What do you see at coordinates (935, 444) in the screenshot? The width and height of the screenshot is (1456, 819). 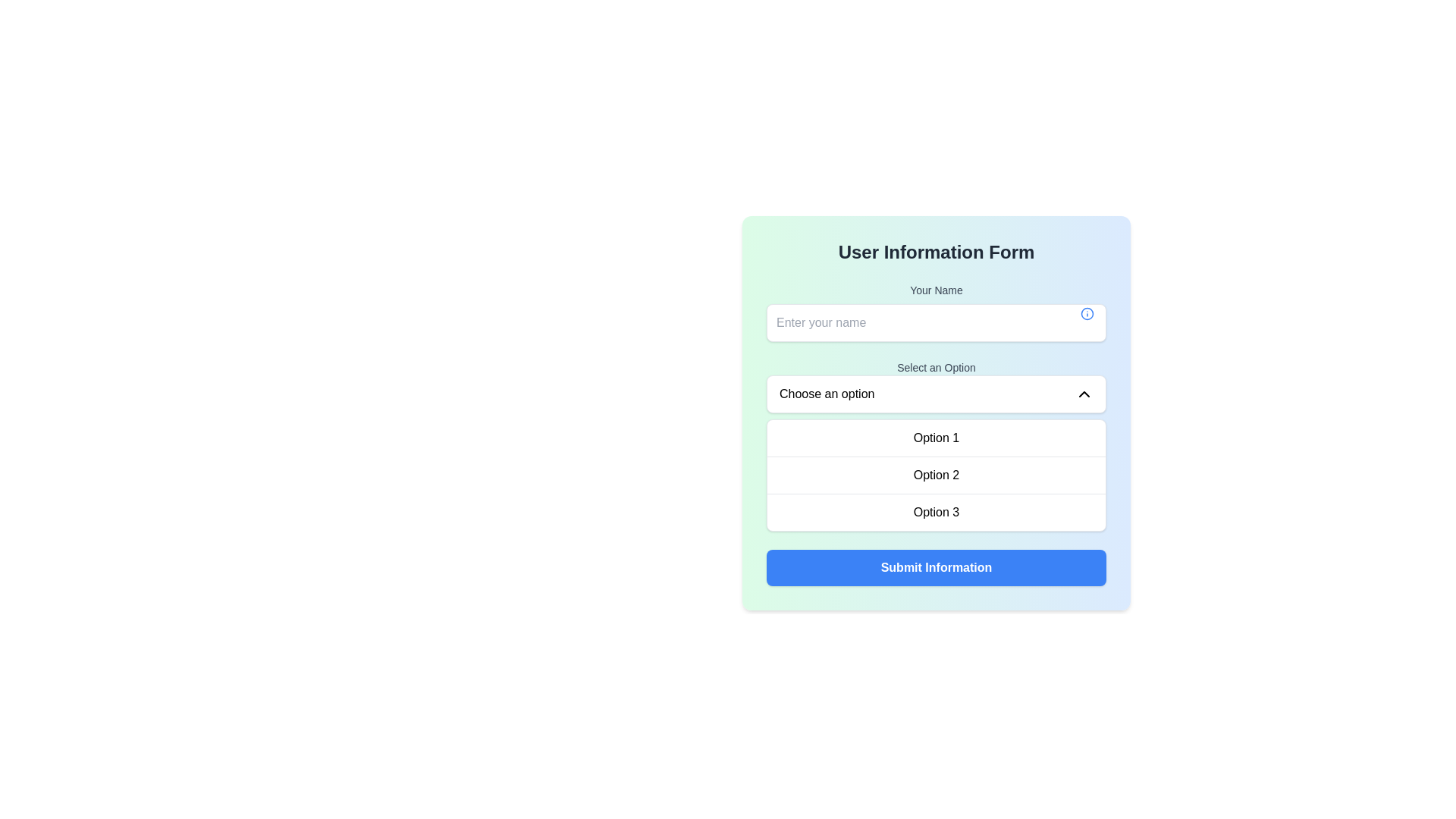 I see `the Dropdown menu within the 'User Information Form', located between the 'Your Name' input field and the 'Submit Information' button` at bounding box center [935, 444].